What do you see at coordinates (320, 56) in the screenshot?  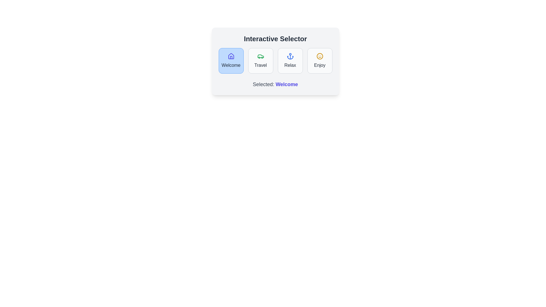 I see `the circular icon component that is part of the smiley face icon, located at the rightmost part of the toolbar among four icons` at bounding box center [320, 56].